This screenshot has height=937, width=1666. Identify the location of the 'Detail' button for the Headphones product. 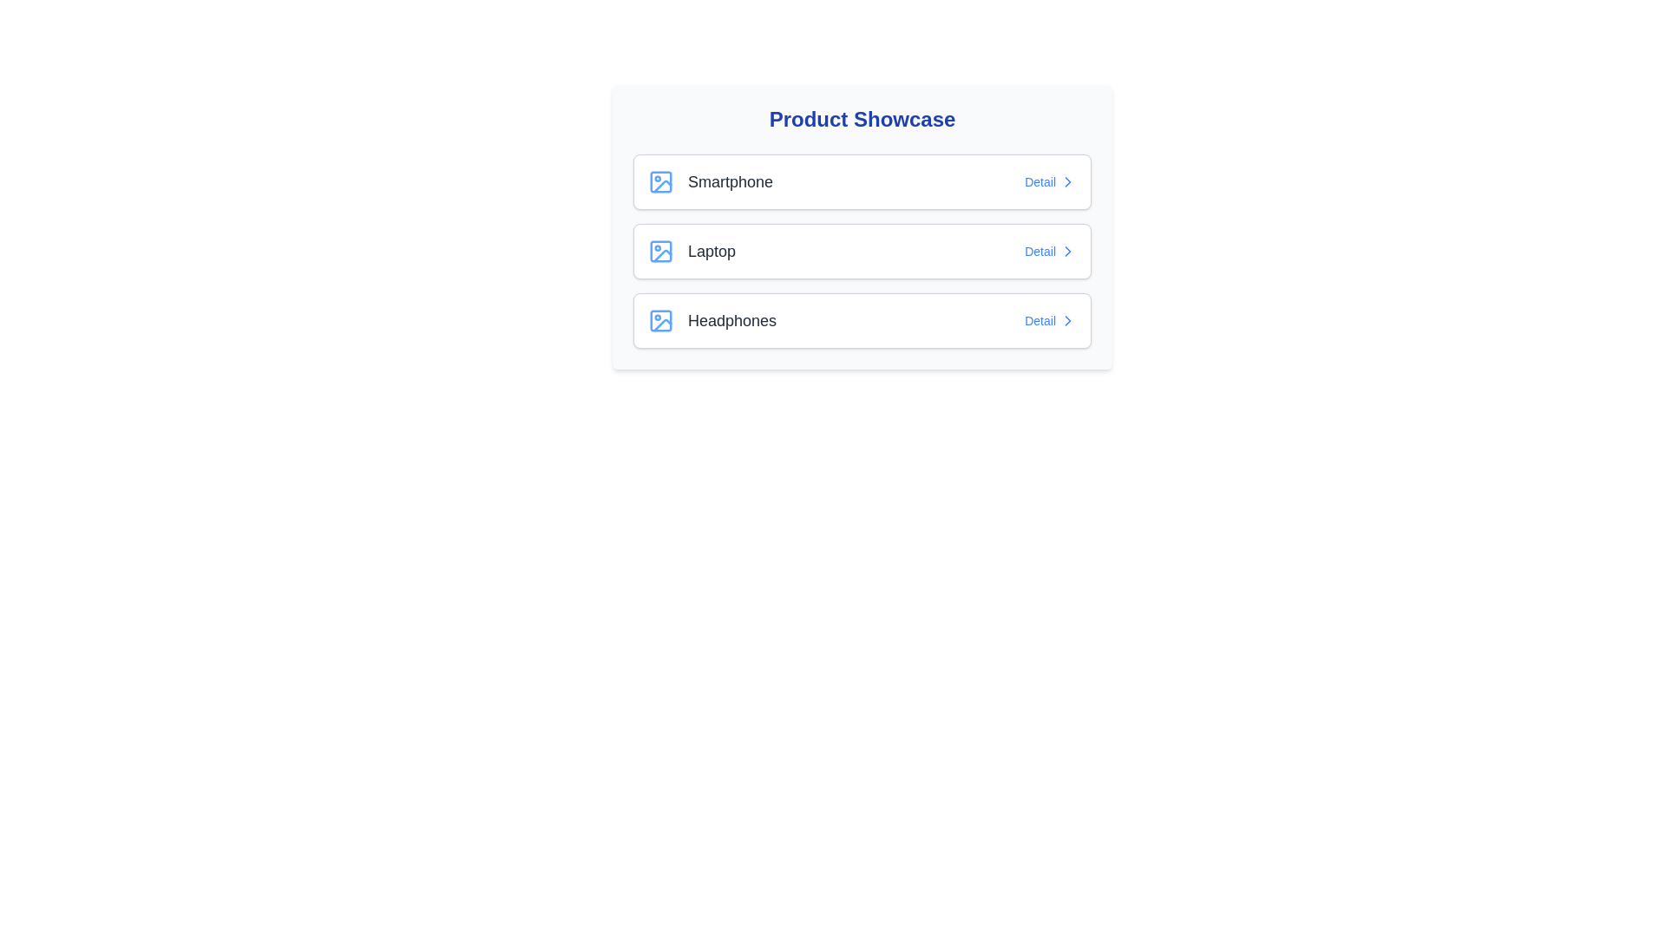
(1049, 321).